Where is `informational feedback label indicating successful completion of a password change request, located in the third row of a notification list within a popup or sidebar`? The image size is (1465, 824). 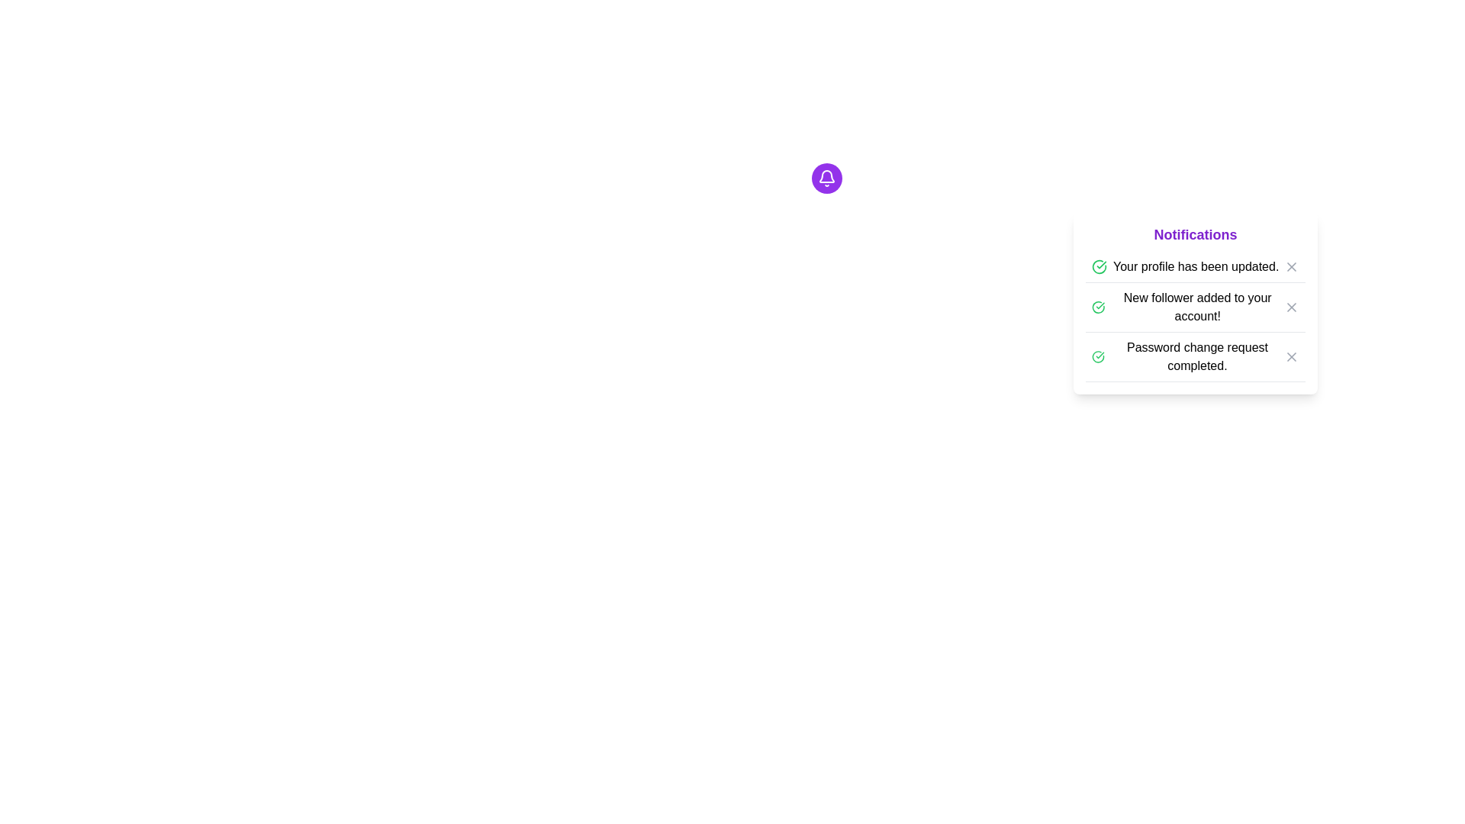 informational feedback label indicating successful completion of a password change request, located in the third row of a notification list within a popup or sidebar is located at coordinates (1186, 356).